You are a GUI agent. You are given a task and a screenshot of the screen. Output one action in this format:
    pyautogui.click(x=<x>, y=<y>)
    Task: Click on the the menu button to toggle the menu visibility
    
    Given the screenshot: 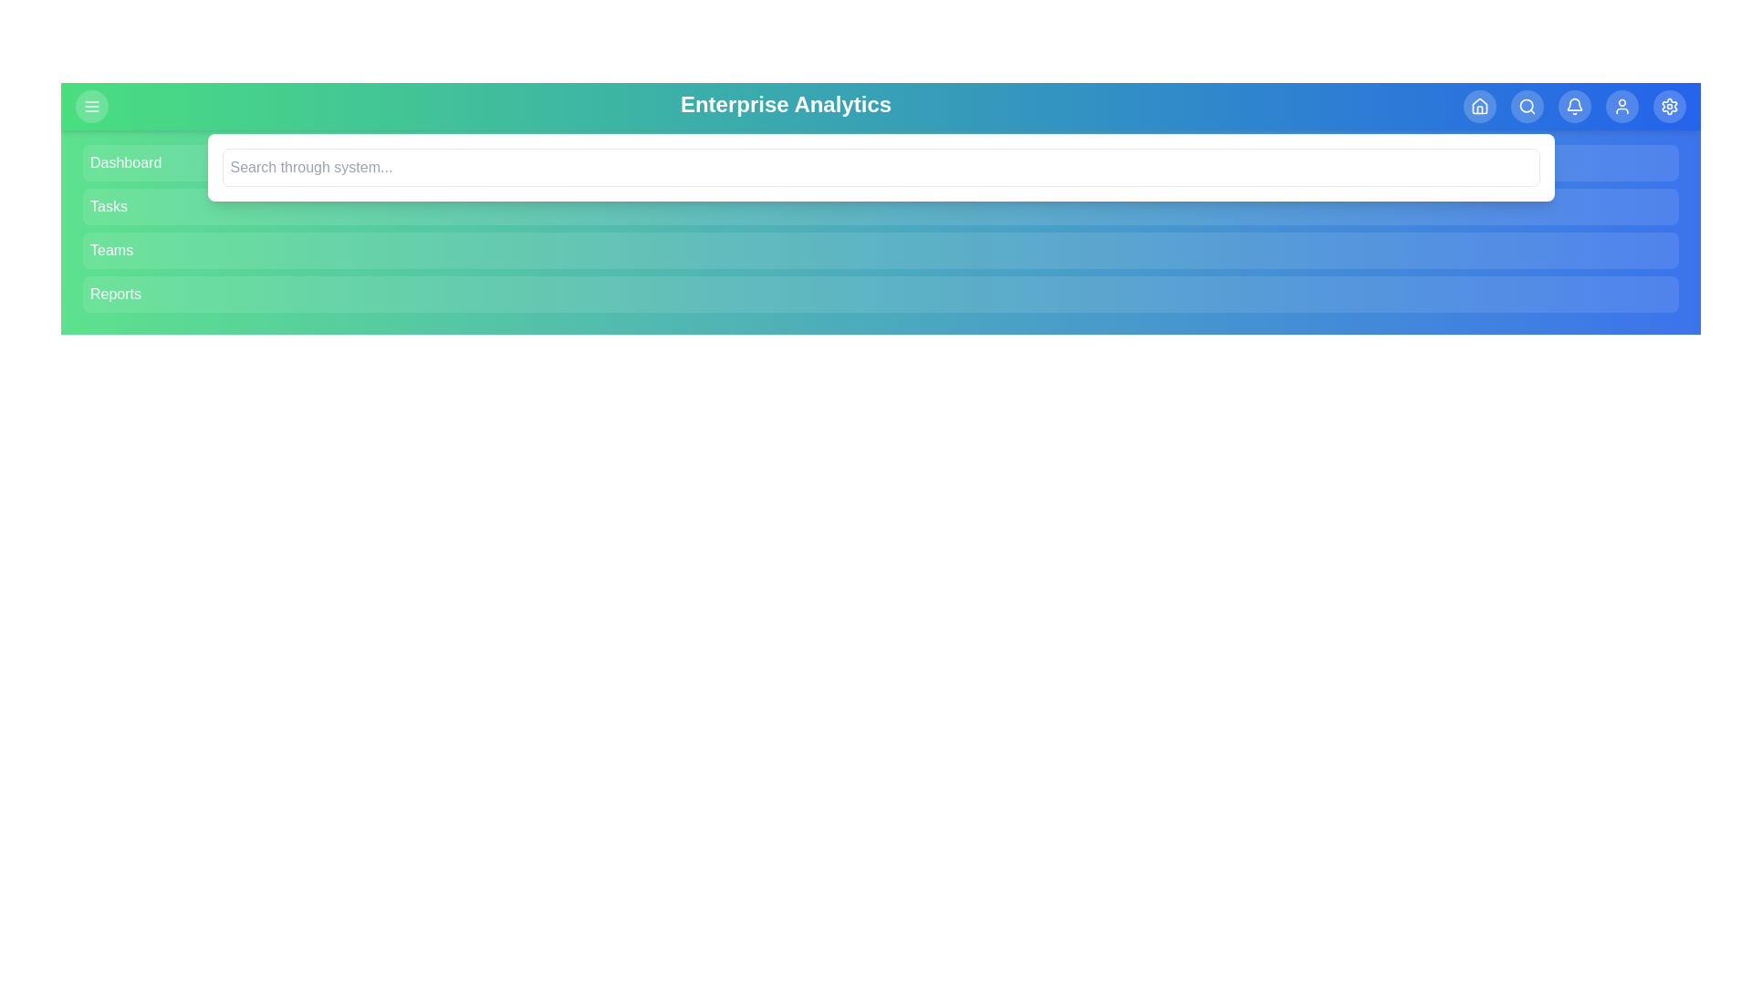 What is the action you would take?
    pyautogui.click(x=90, y=106)
    